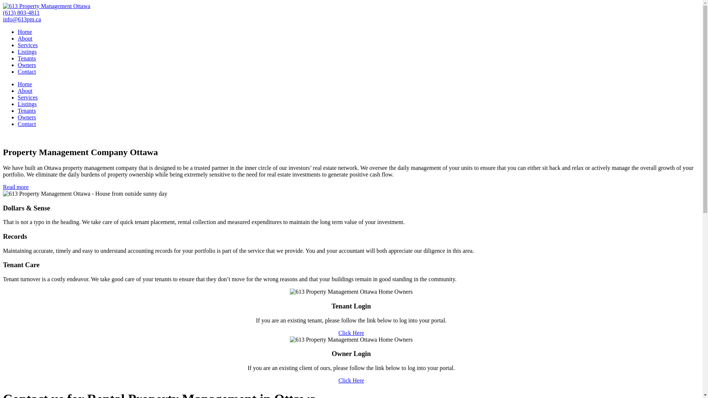 This screenshot has height=398, width=708. What do you see at coordinates (25, 84) in the screenshot?
I see `'Home'` at bounding box center [25, 84].